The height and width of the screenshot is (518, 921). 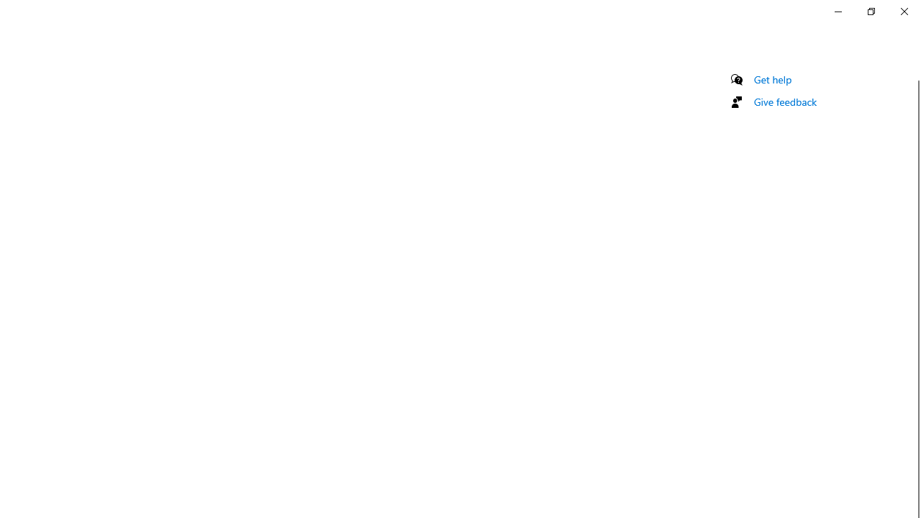 What do you see at coordinates (772, 79) in the screenshot?
I see `'Get help'` at bounding box center [772, 79].